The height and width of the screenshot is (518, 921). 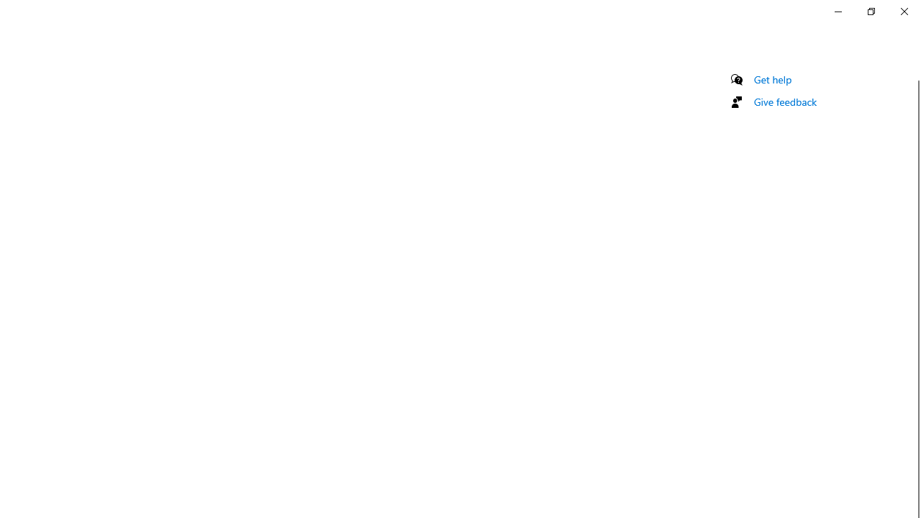 What do you see at coordinates (772, 79) in the screenshot?
I see `'Get help'` at bounding box center [772, 79].